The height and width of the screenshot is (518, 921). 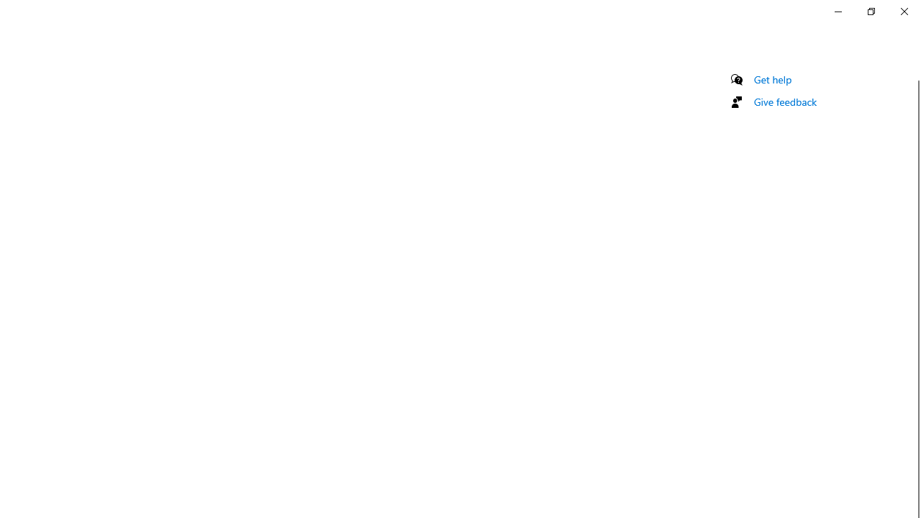 What do you see at coordinates (772, 79) in the screenshot?
I see `'Get help'` at bounding box center [772, 79].